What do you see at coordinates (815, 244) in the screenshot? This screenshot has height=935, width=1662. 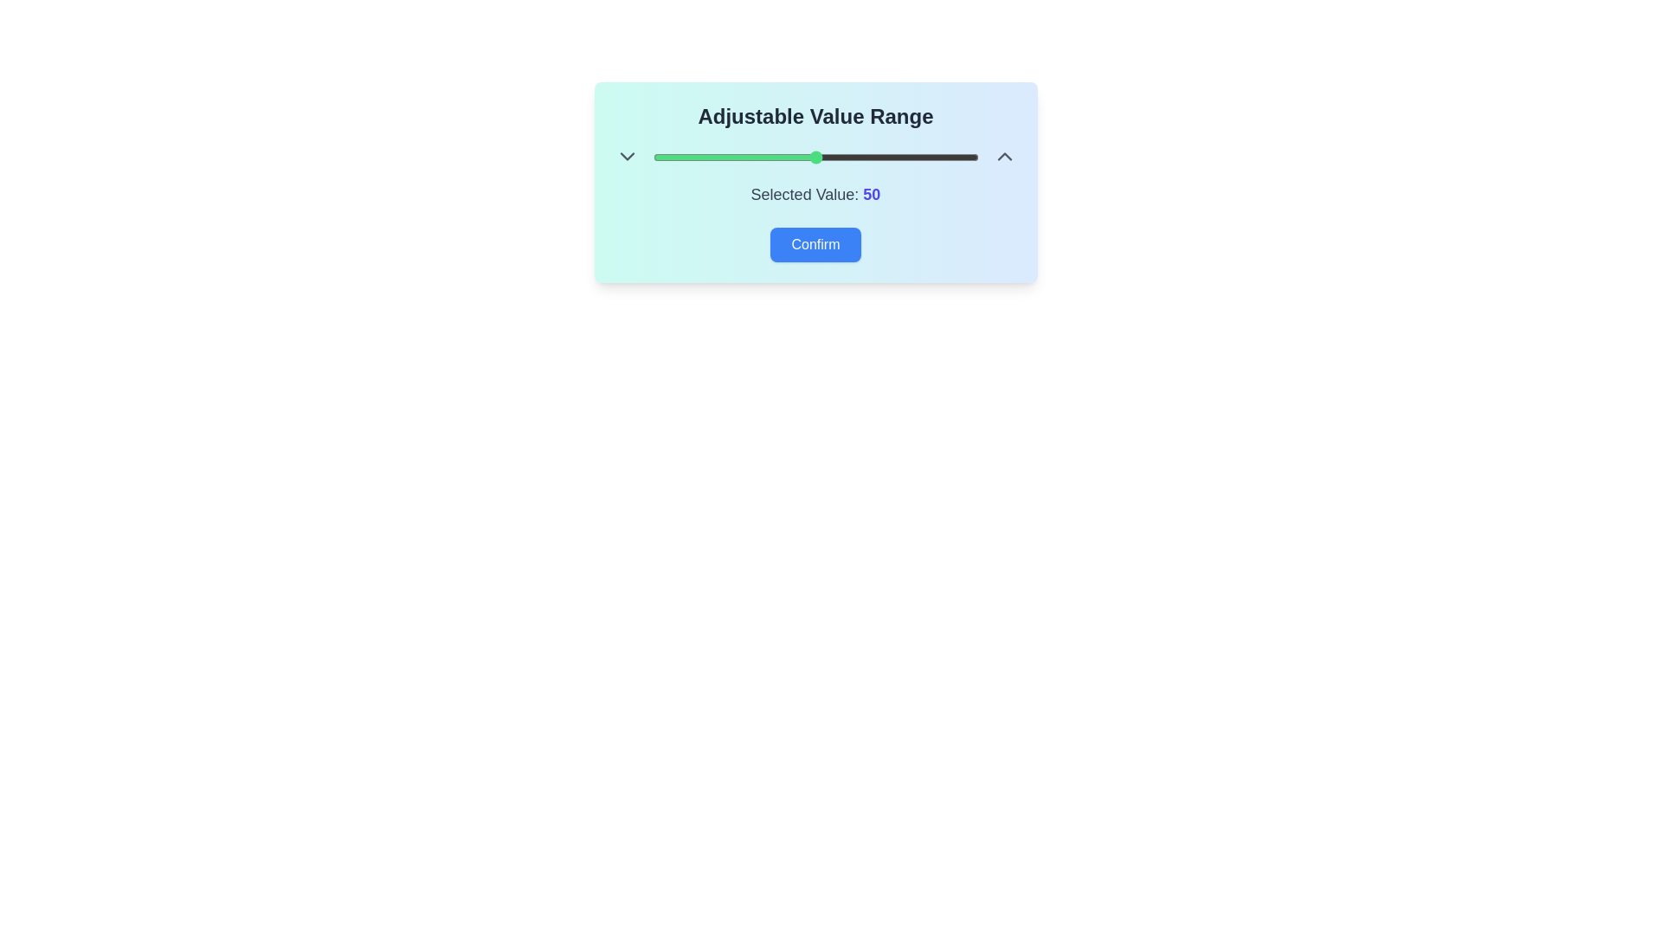 I see `the confirm button to submit the selected value` at bounding box center [815, 244].